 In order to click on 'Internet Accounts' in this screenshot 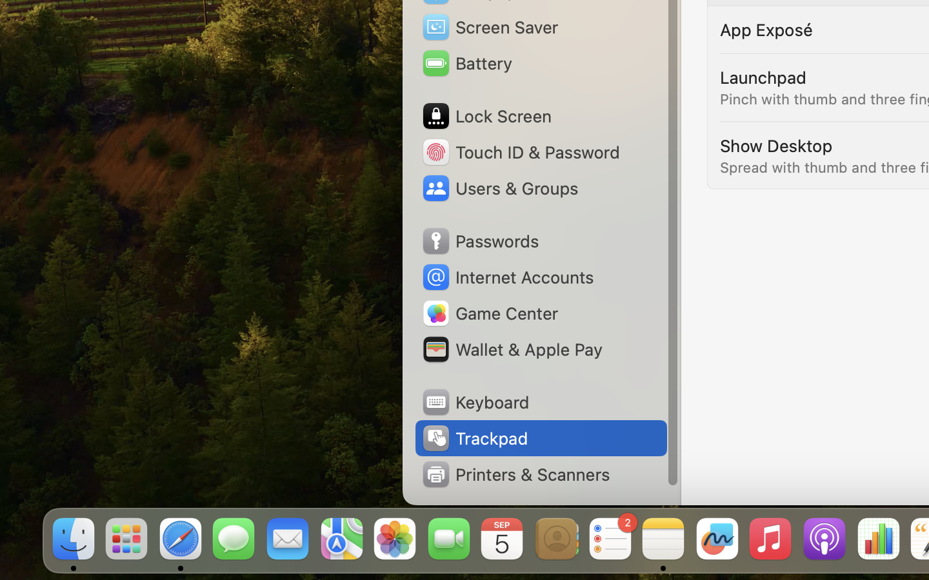, I will do `click(506, 277)`.